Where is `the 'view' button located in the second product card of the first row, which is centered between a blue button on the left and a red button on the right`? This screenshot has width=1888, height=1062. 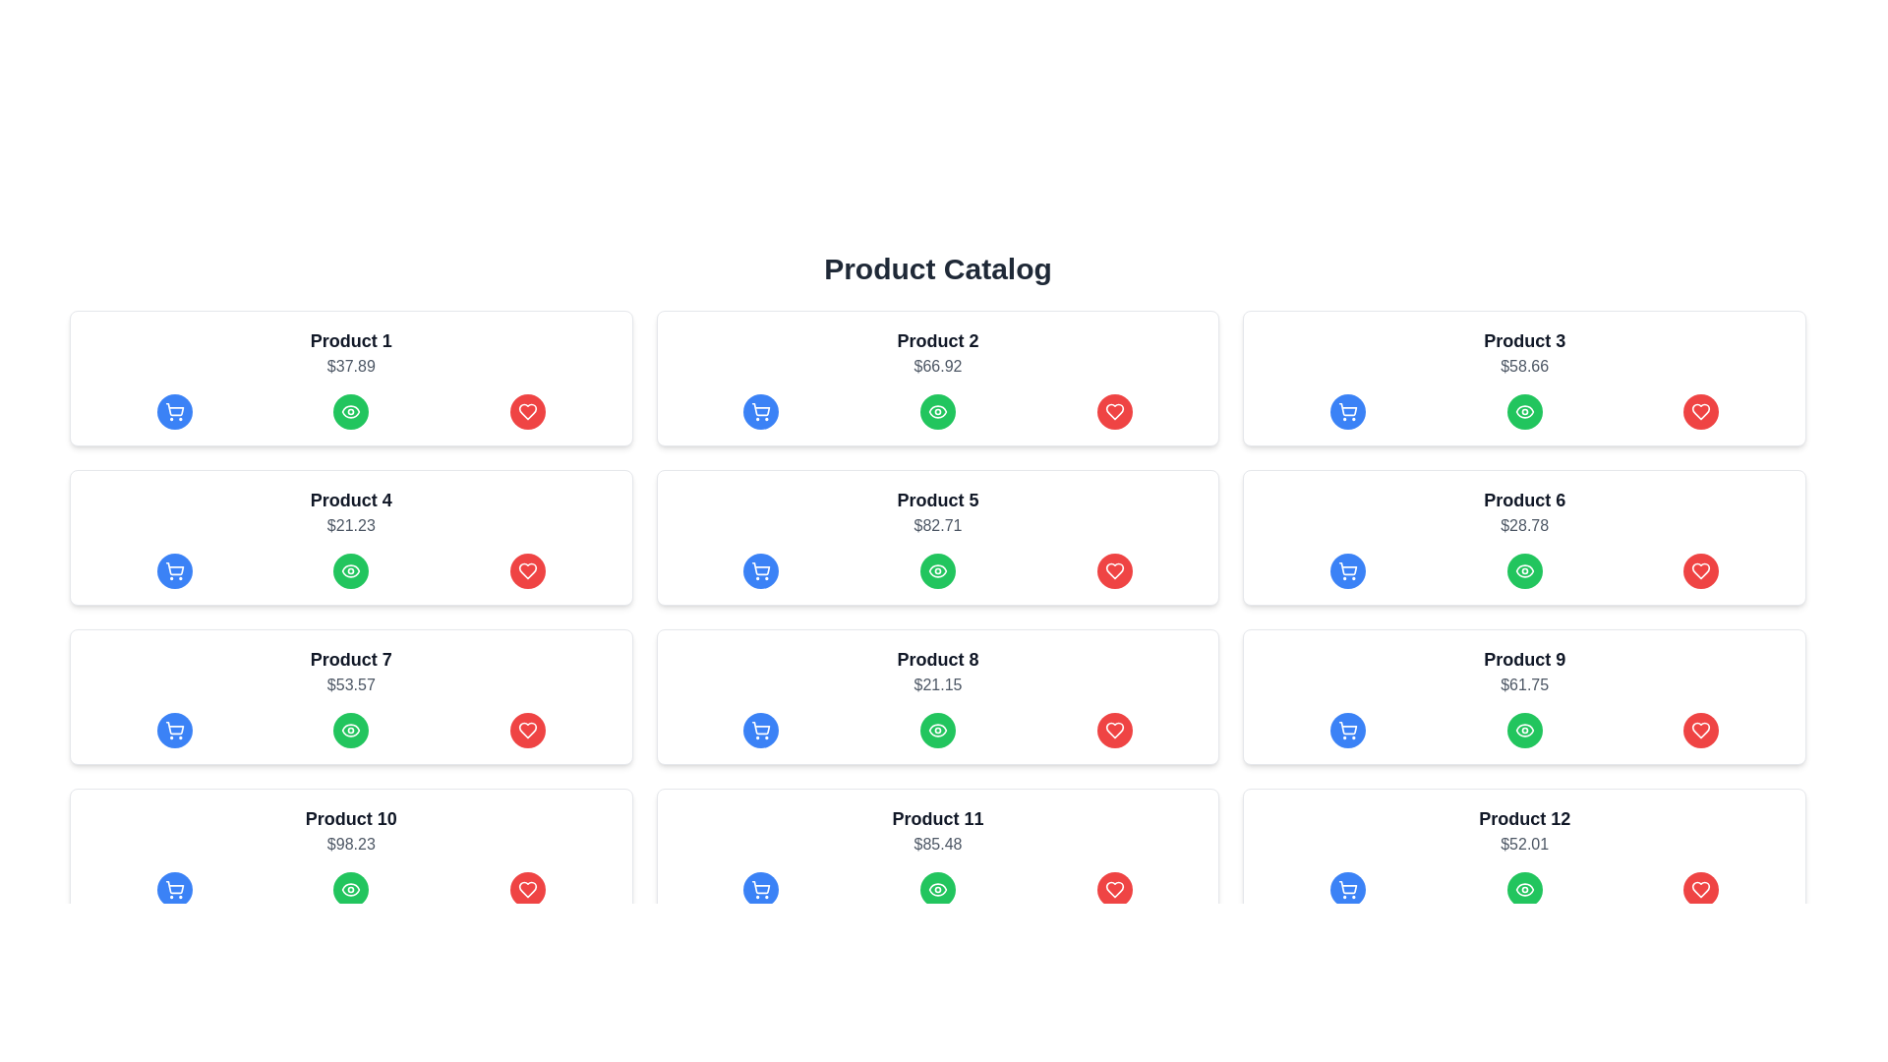 the 'view' button located in the second product card of the first row, which is centered between a blue button on the left and a red button on the right is located at coordinates (937, 411).